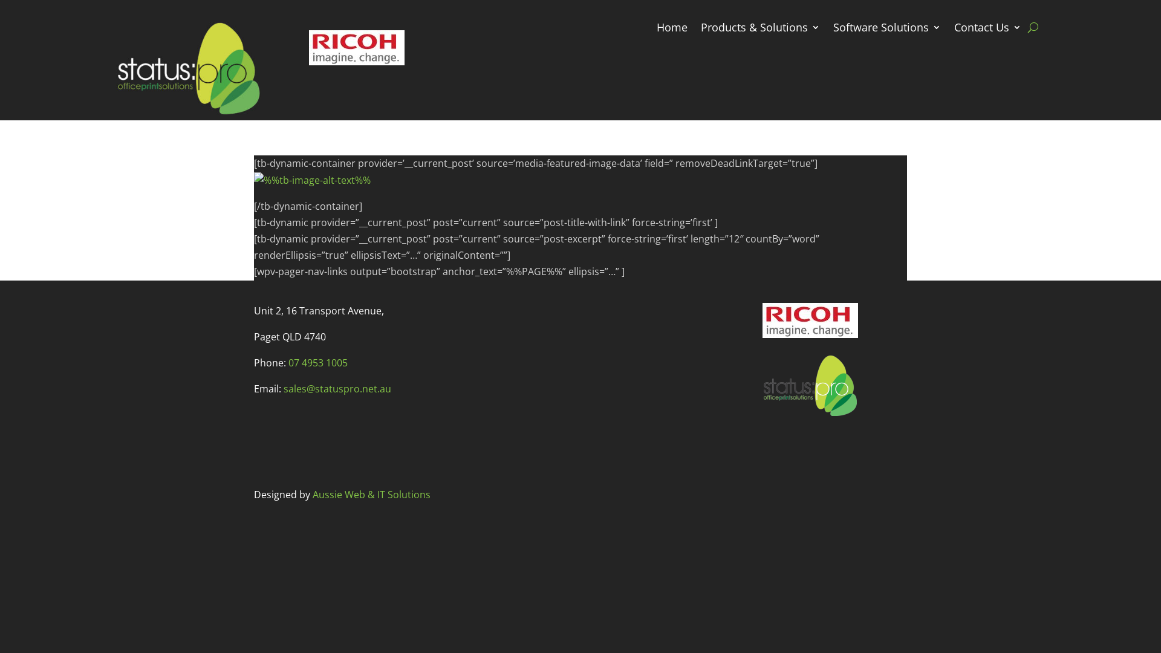  What do you see at coordinates (671, 29) in the screenshot?
I see `'Home'` at bounding box center [671, 29].